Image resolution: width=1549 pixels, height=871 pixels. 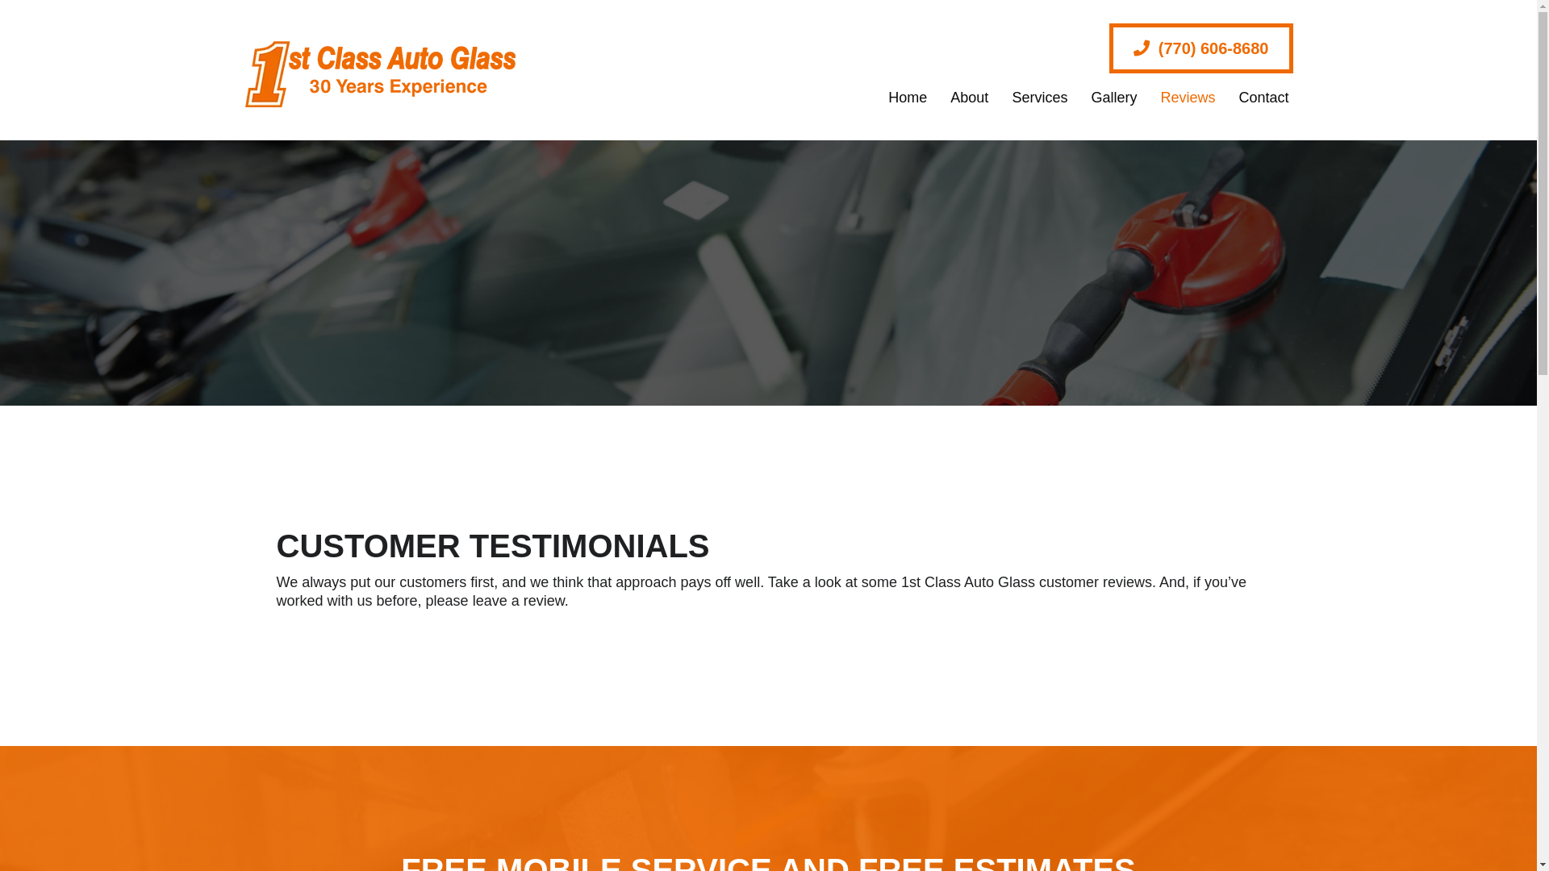 I want to click on 'Services', so click(x=1030, y=97).